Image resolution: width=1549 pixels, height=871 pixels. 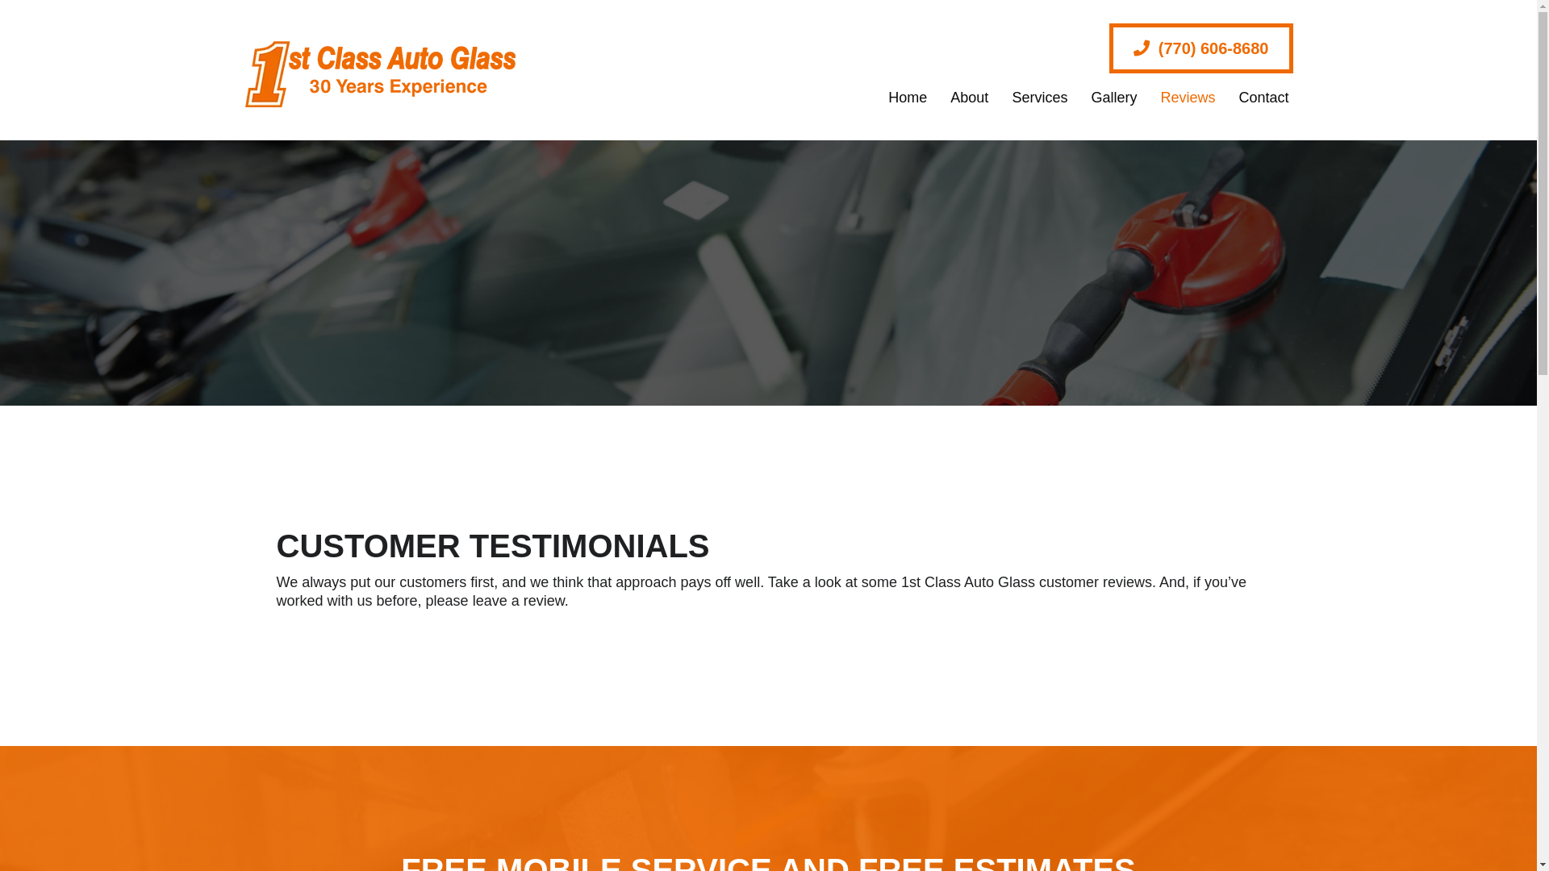 I want to click on 'Services', so click(x=1030, y=97).